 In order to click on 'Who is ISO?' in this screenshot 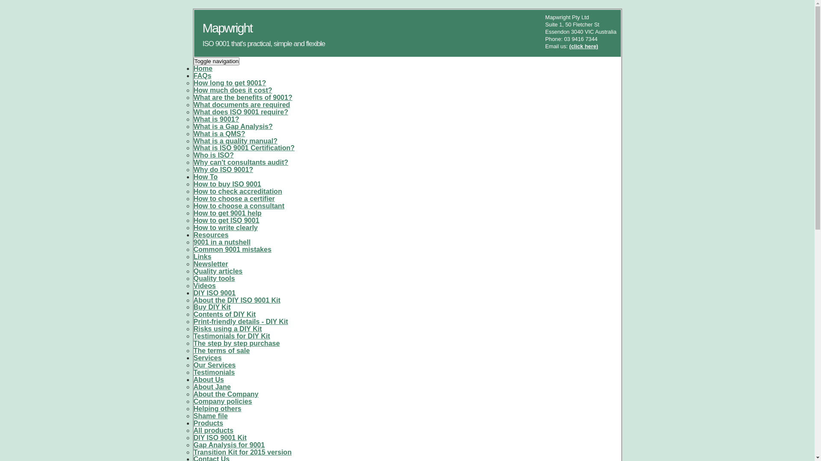, I will do `click(192, 155)`.